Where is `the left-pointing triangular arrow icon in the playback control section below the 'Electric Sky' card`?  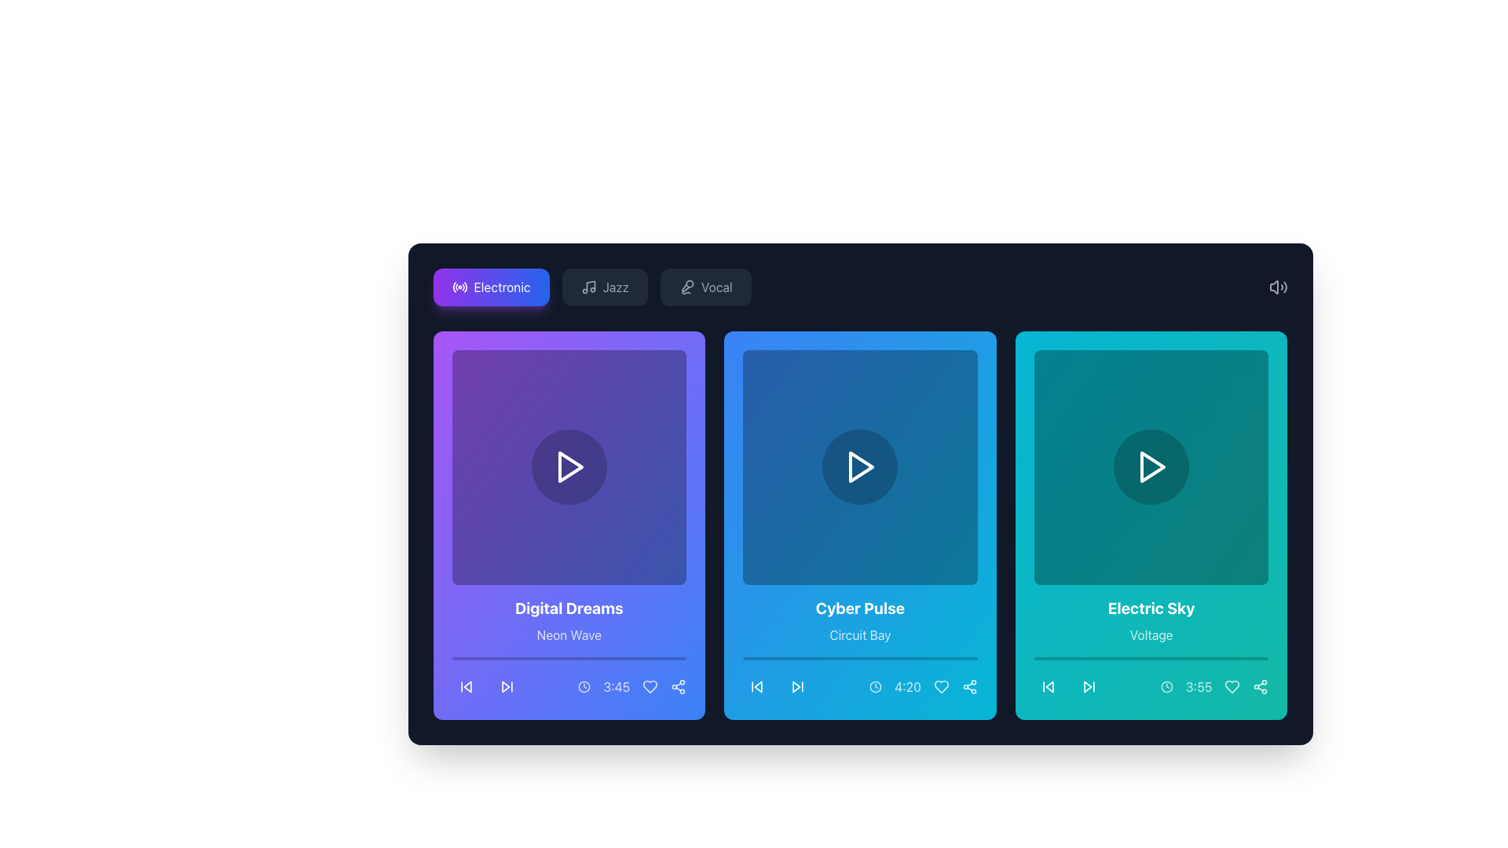
the left-pointing triangular arrow icon in the playback control section below the 'Electric Sky' card is located at coordinates (1049, 685).